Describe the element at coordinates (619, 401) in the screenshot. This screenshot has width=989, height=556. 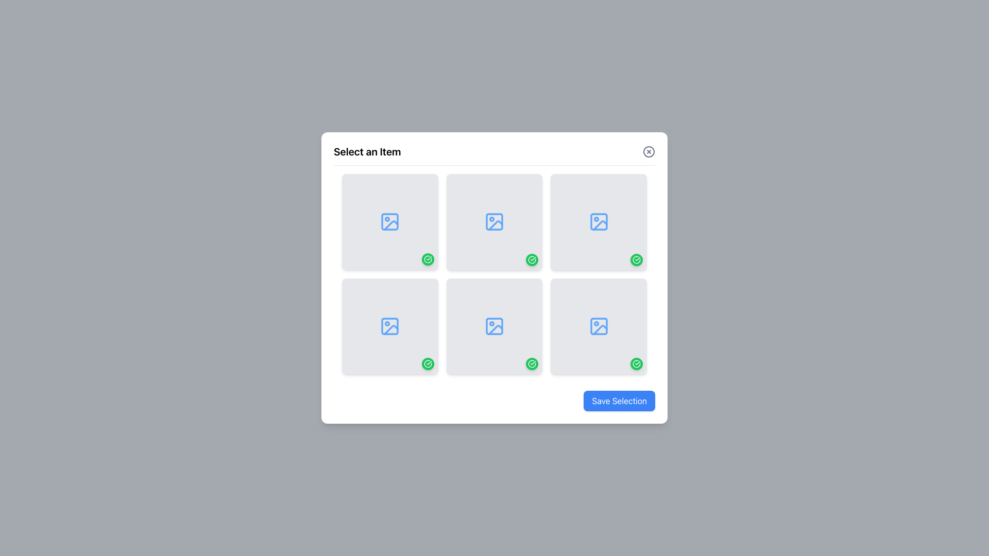
I see `the blue 'Save Selection' button with white text` at that location.